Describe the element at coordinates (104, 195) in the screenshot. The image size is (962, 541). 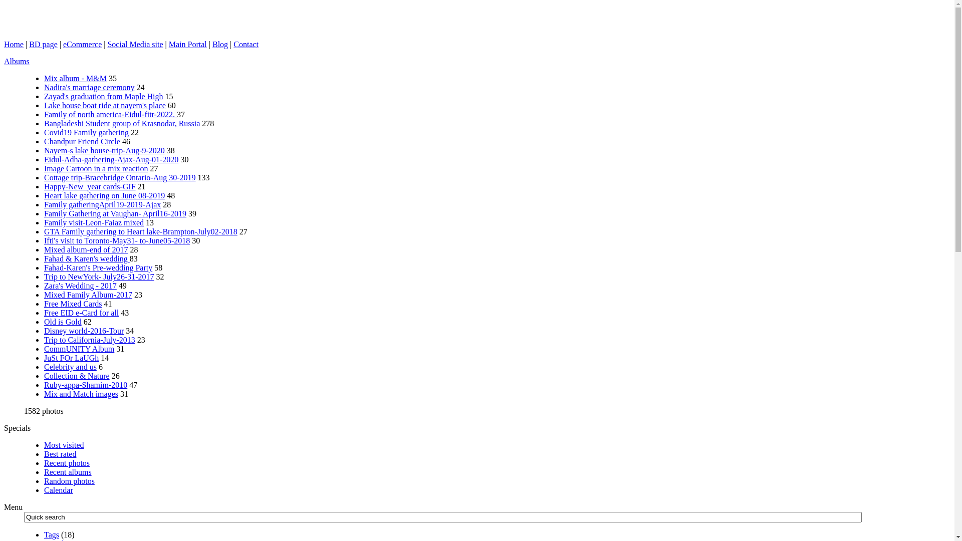
I see `'Heart lake gathering on June 08-2019'` at that location.